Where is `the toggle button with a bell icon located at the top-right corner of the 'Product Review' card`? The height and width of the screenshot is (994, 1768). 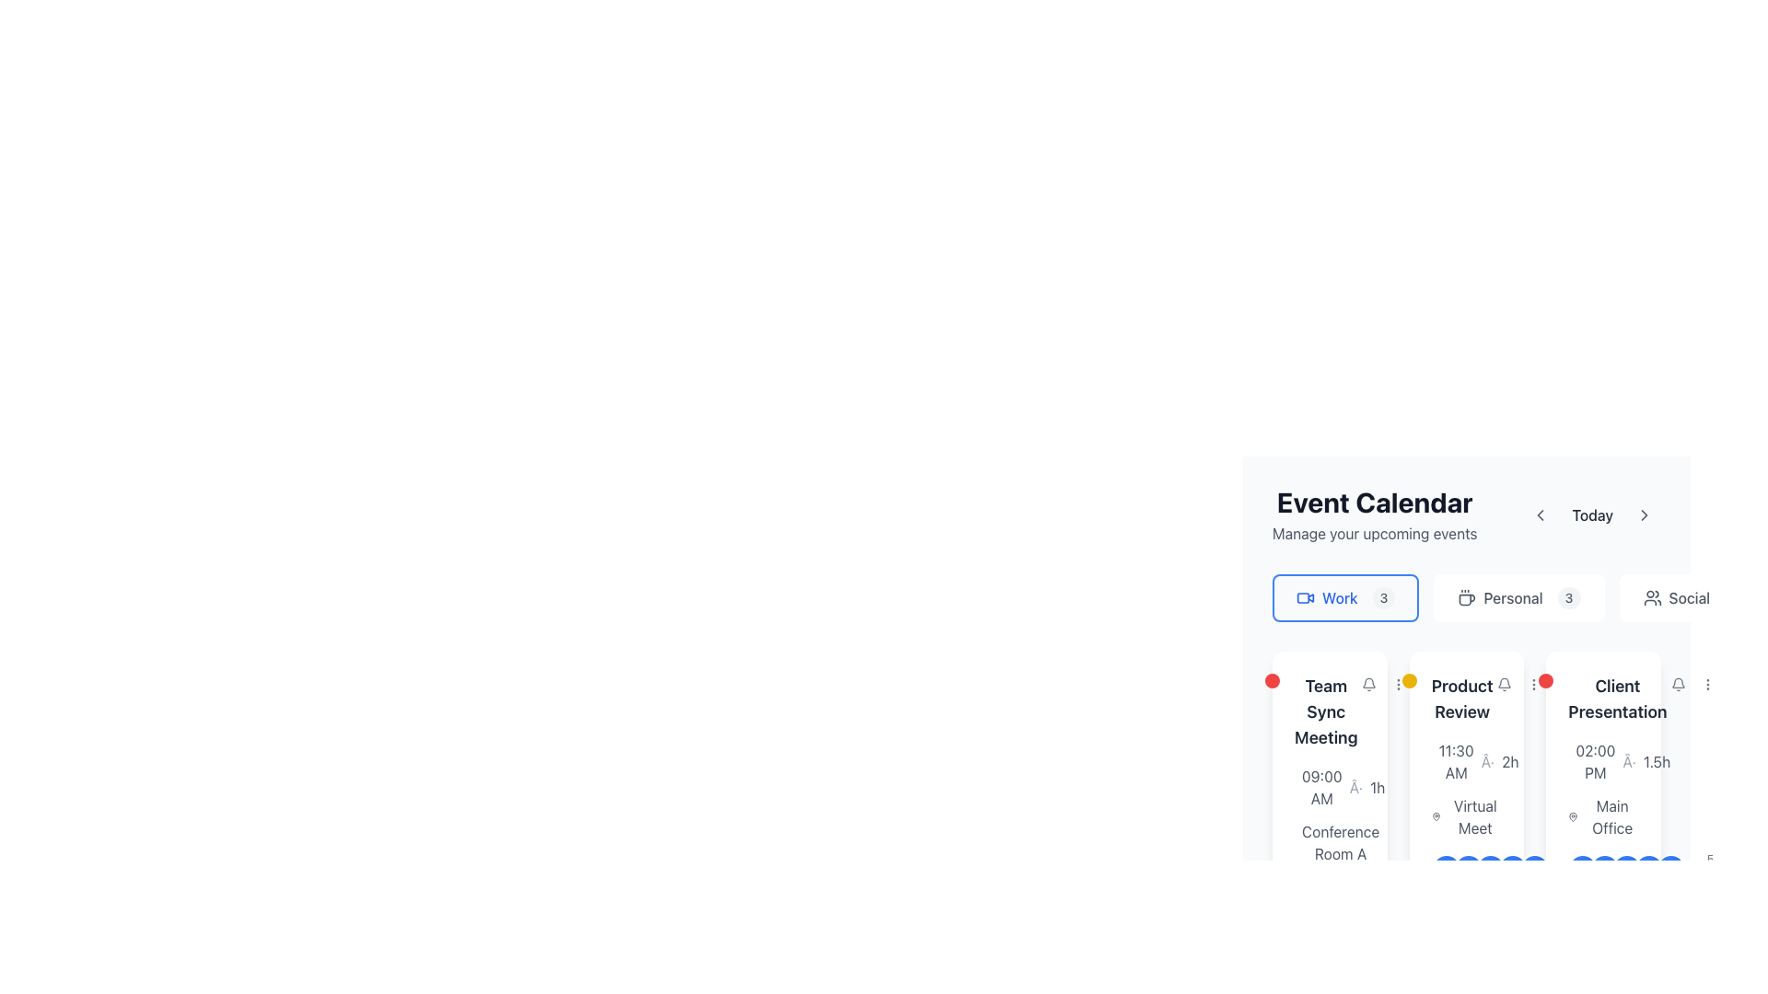 the toggle button with a bell icon located at the top-right corner of the 'Product Review' card is located at coordinates (1504, 685).